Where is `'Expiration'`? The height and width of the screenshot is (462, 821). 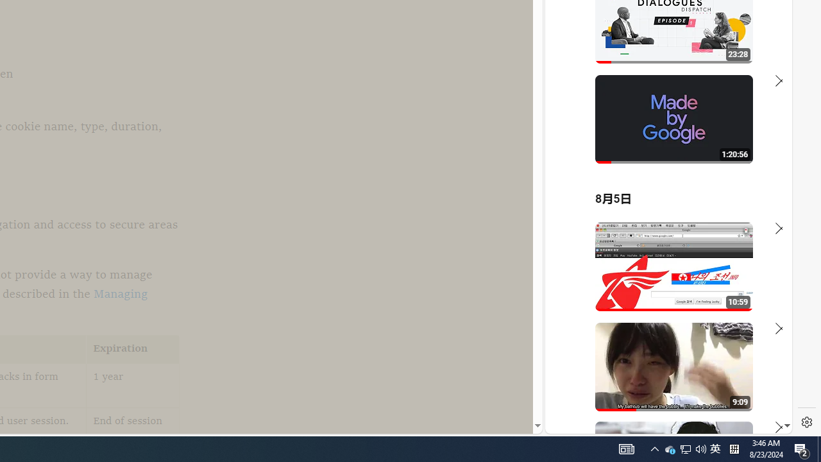
'Expiration' is located at coordinates (133, 349).